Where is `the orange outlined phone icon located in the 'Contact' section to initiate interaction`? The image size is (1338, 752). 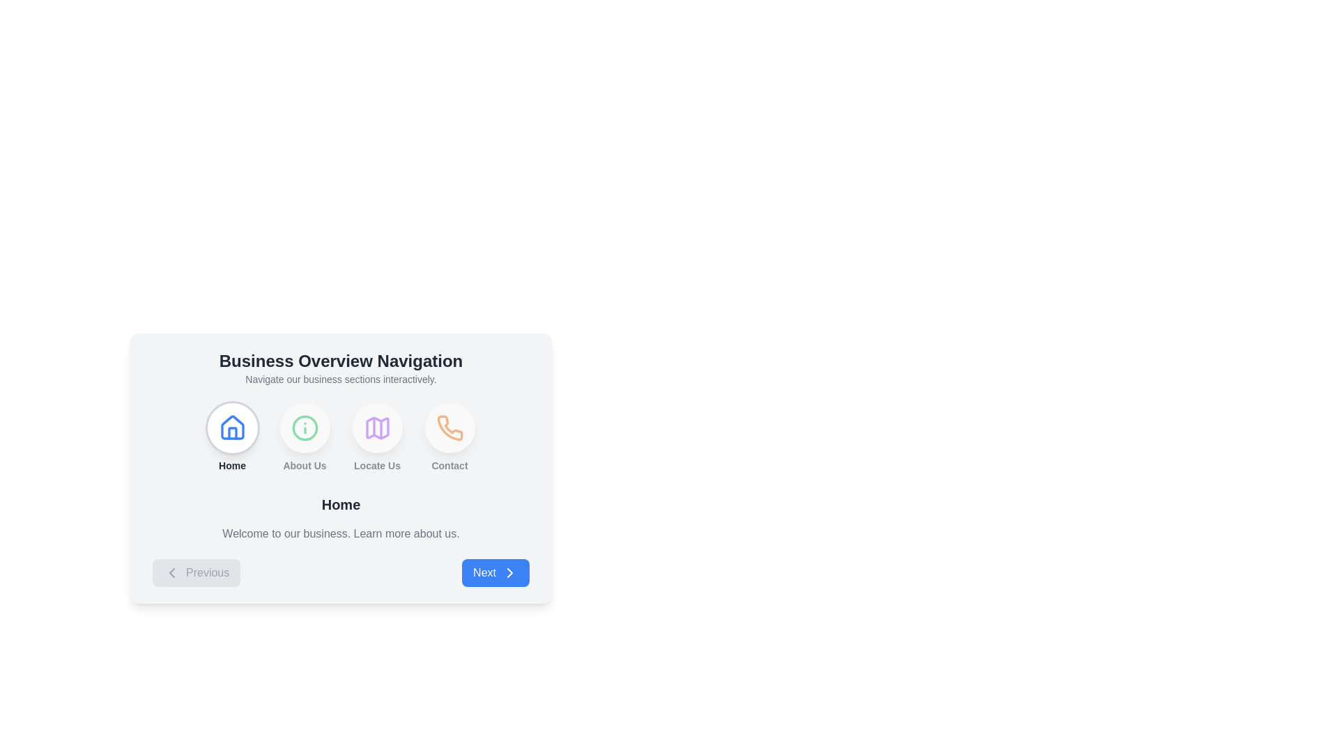 the orange outlined phone icon located in the 'Contact' section to initiate interaction is located at coordinates (449, 427).